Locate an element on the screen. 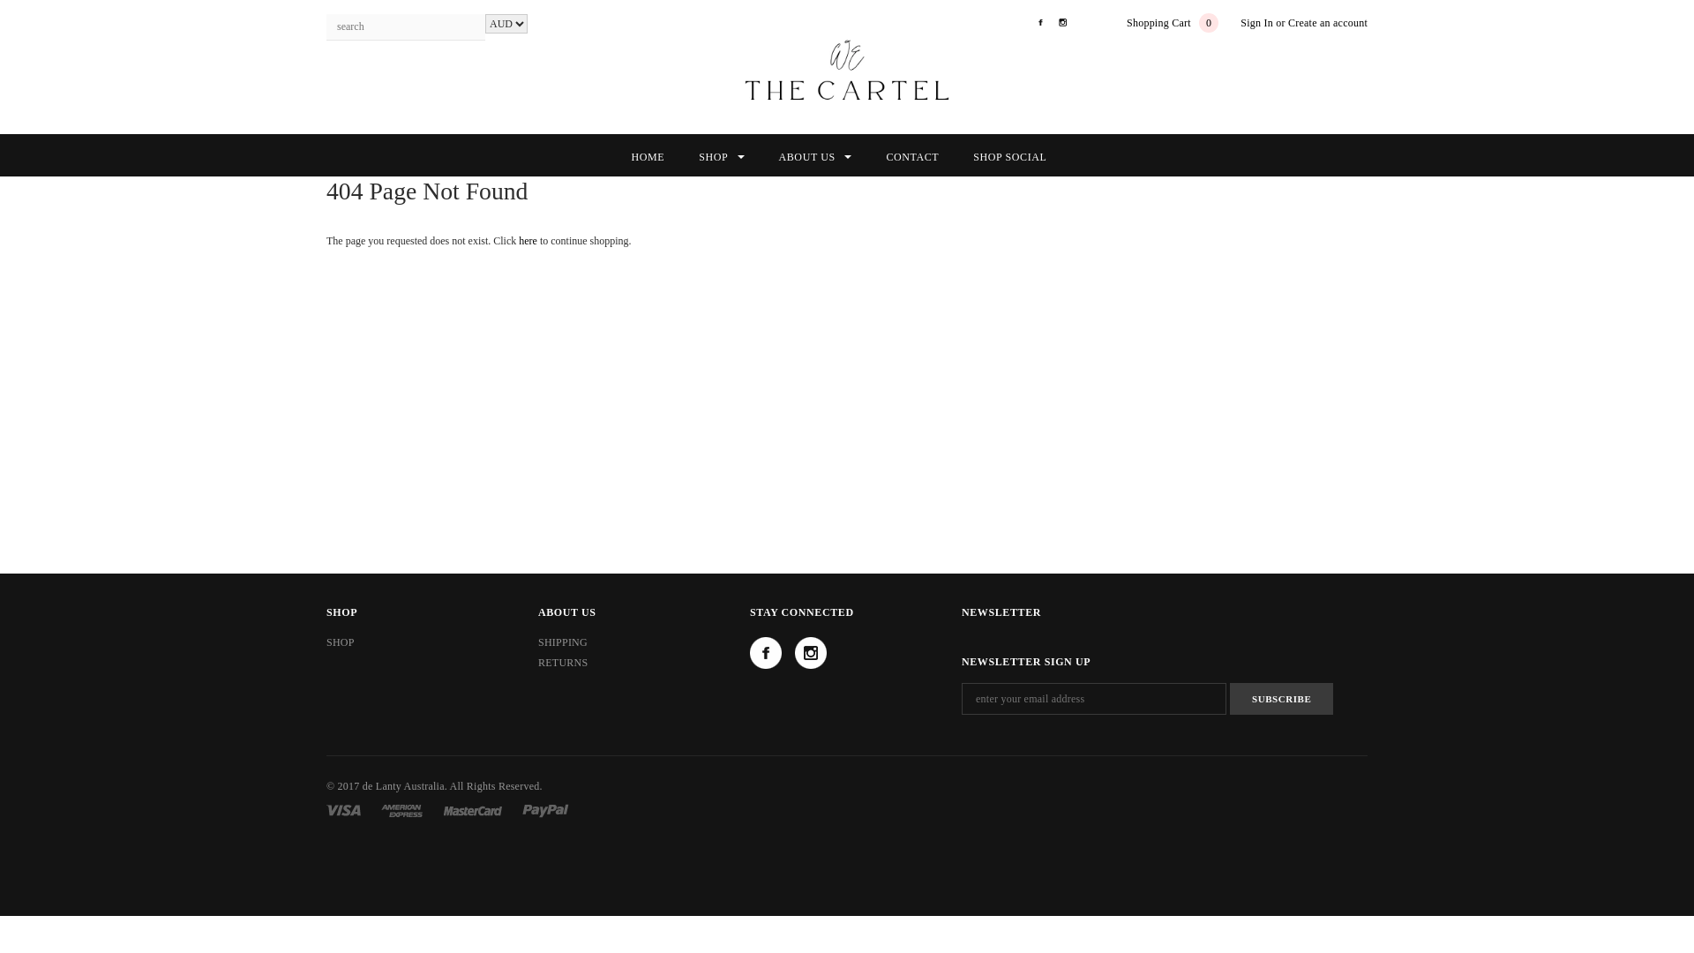  'Sign In' is located at coordinates (1256, 23).